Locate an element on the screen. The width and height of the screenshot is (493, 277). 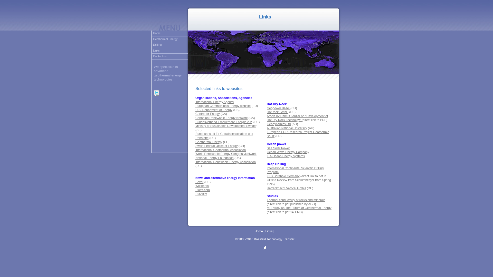
'Centre for Energy' is located at coordinates (195, 113).